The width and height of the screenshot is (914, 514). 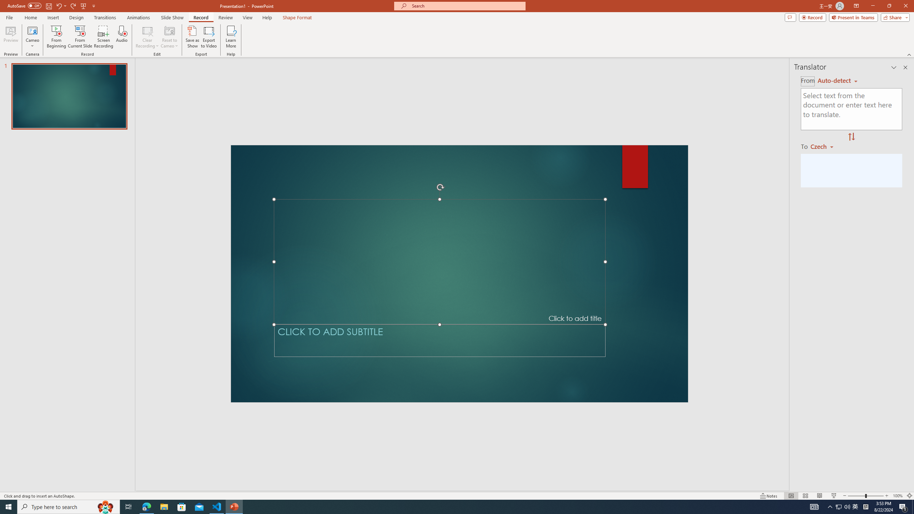 I want to click on 'Reading View', so click(x=819, y=496).